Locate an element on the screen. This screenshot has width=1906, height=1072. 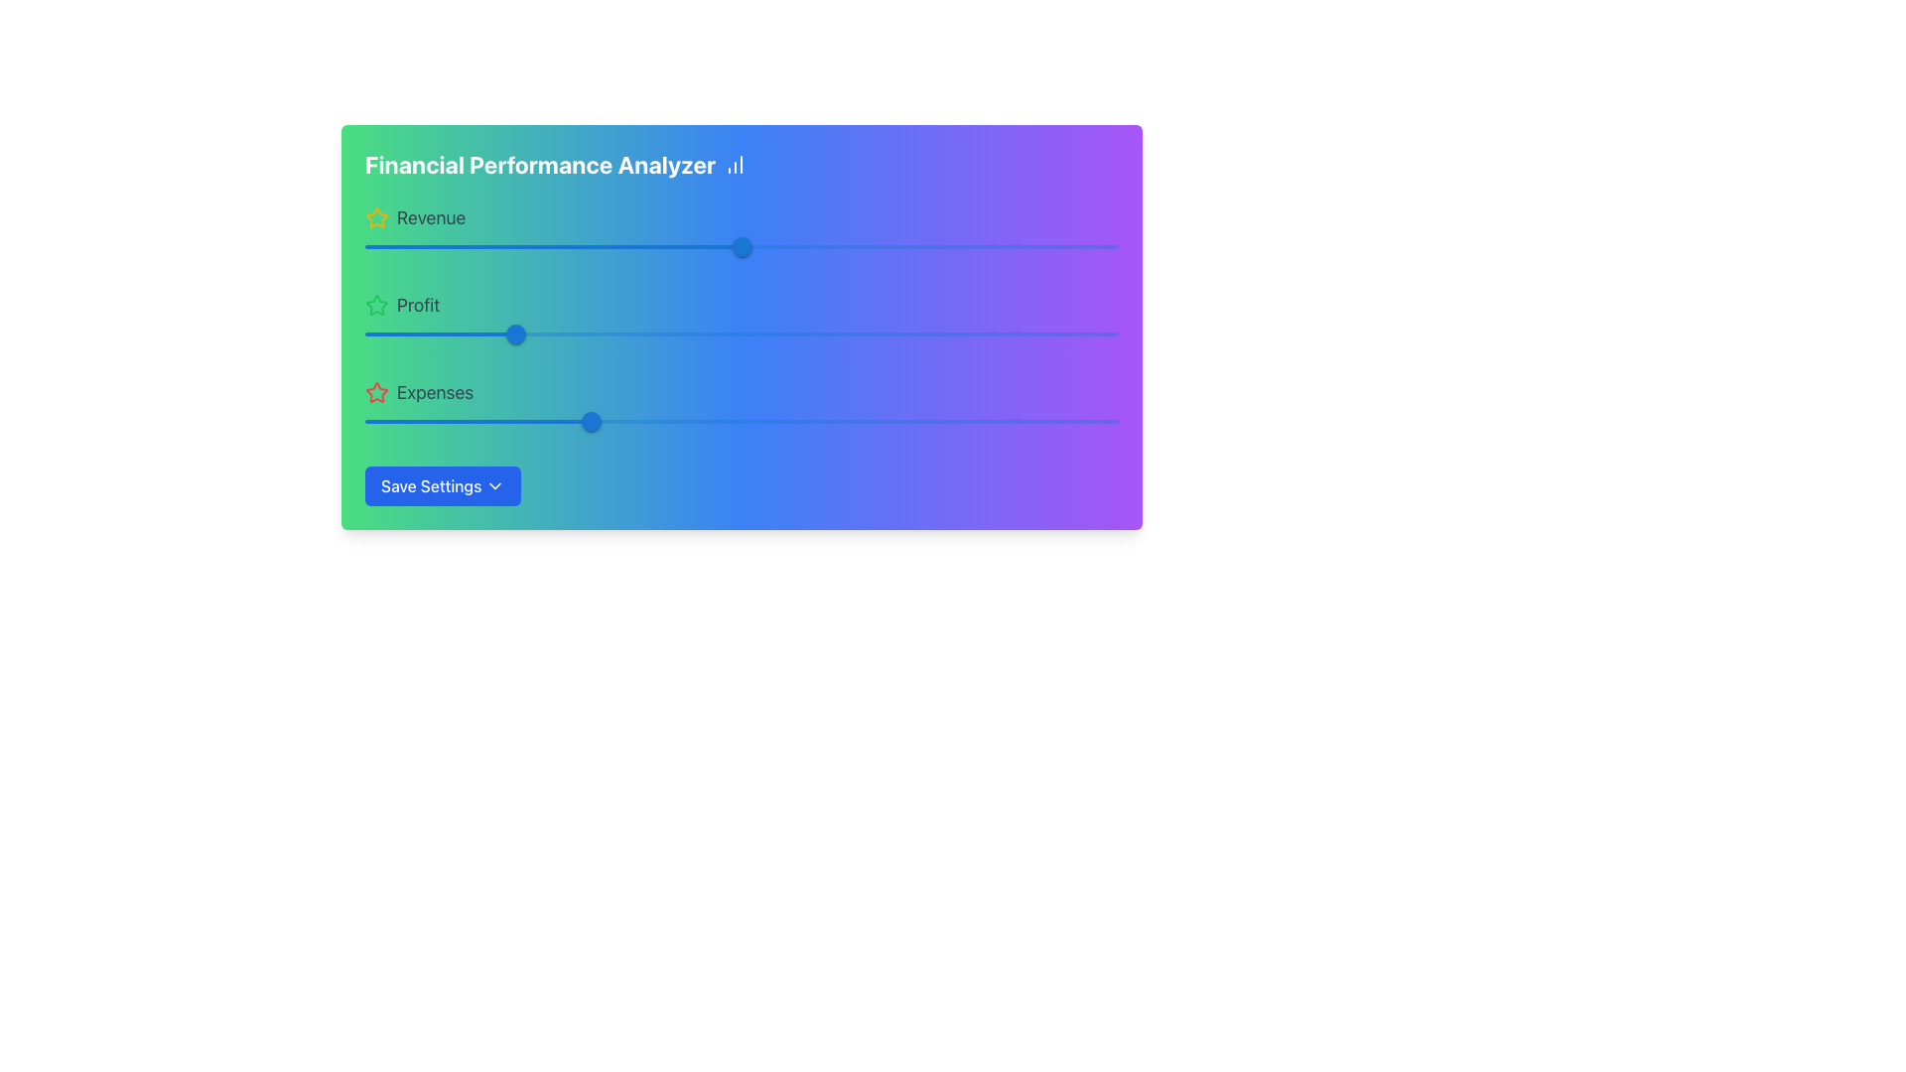
the second star icon indicating the 'Profit' section, which is positioned vertically between the 'Revenue' and 'Expenses' star icons is located at coordinates (376, 305).